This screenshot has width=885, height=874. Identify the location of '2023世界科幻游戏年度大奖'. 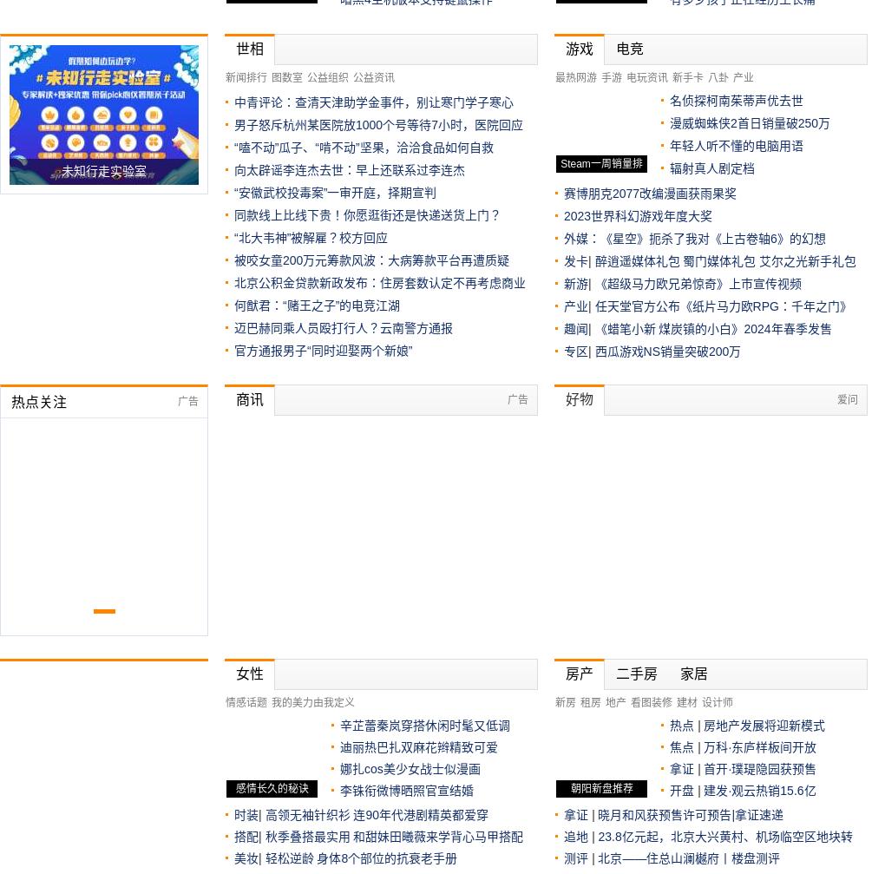
(638, 216).